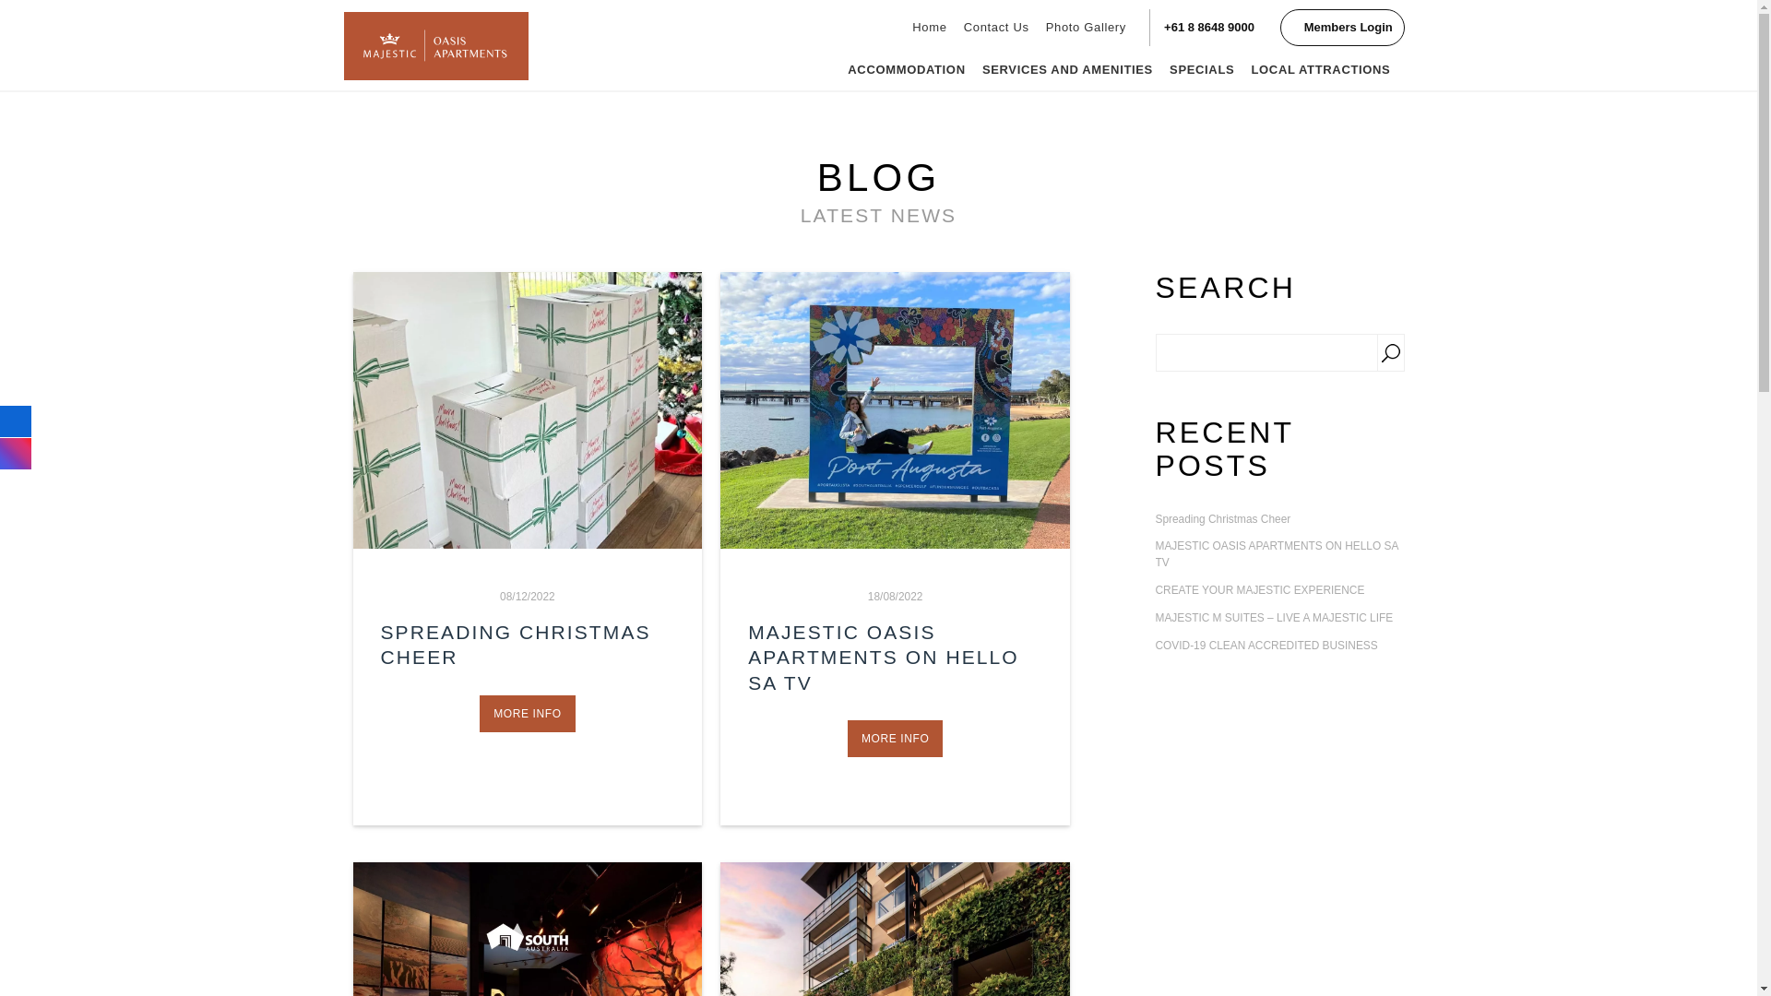  I want to click on 'ACCOMMODATION', so click(838, 69).